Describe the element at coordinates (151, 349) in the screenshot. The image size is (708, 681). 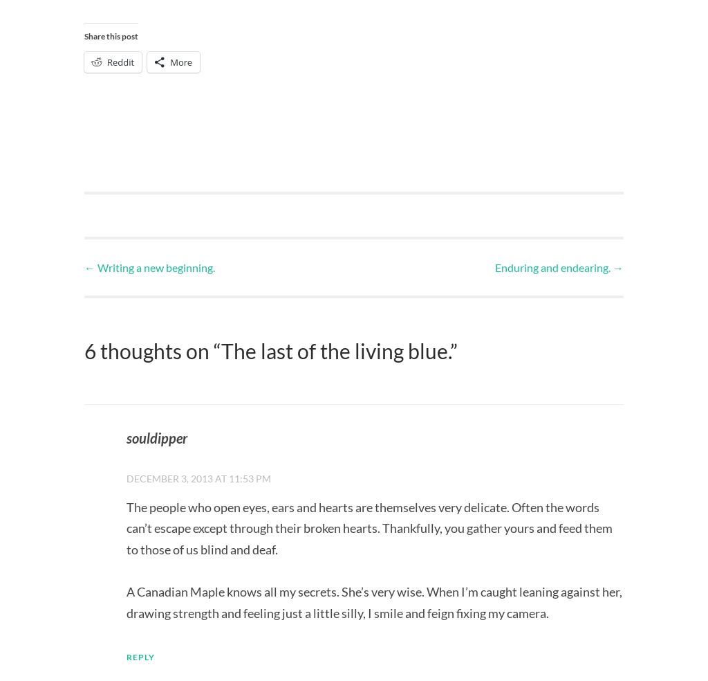
I see `'6 thoughts on “'` at that location.